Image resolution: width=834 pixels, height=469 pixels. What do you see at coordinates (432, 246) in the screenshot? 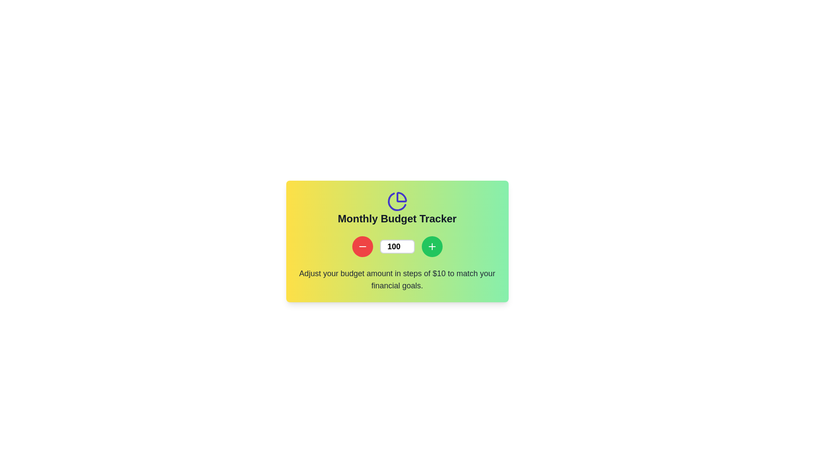
I see `the green circular button with a white '+' icon to trigger its hover style` at bounding box center [432, 246].